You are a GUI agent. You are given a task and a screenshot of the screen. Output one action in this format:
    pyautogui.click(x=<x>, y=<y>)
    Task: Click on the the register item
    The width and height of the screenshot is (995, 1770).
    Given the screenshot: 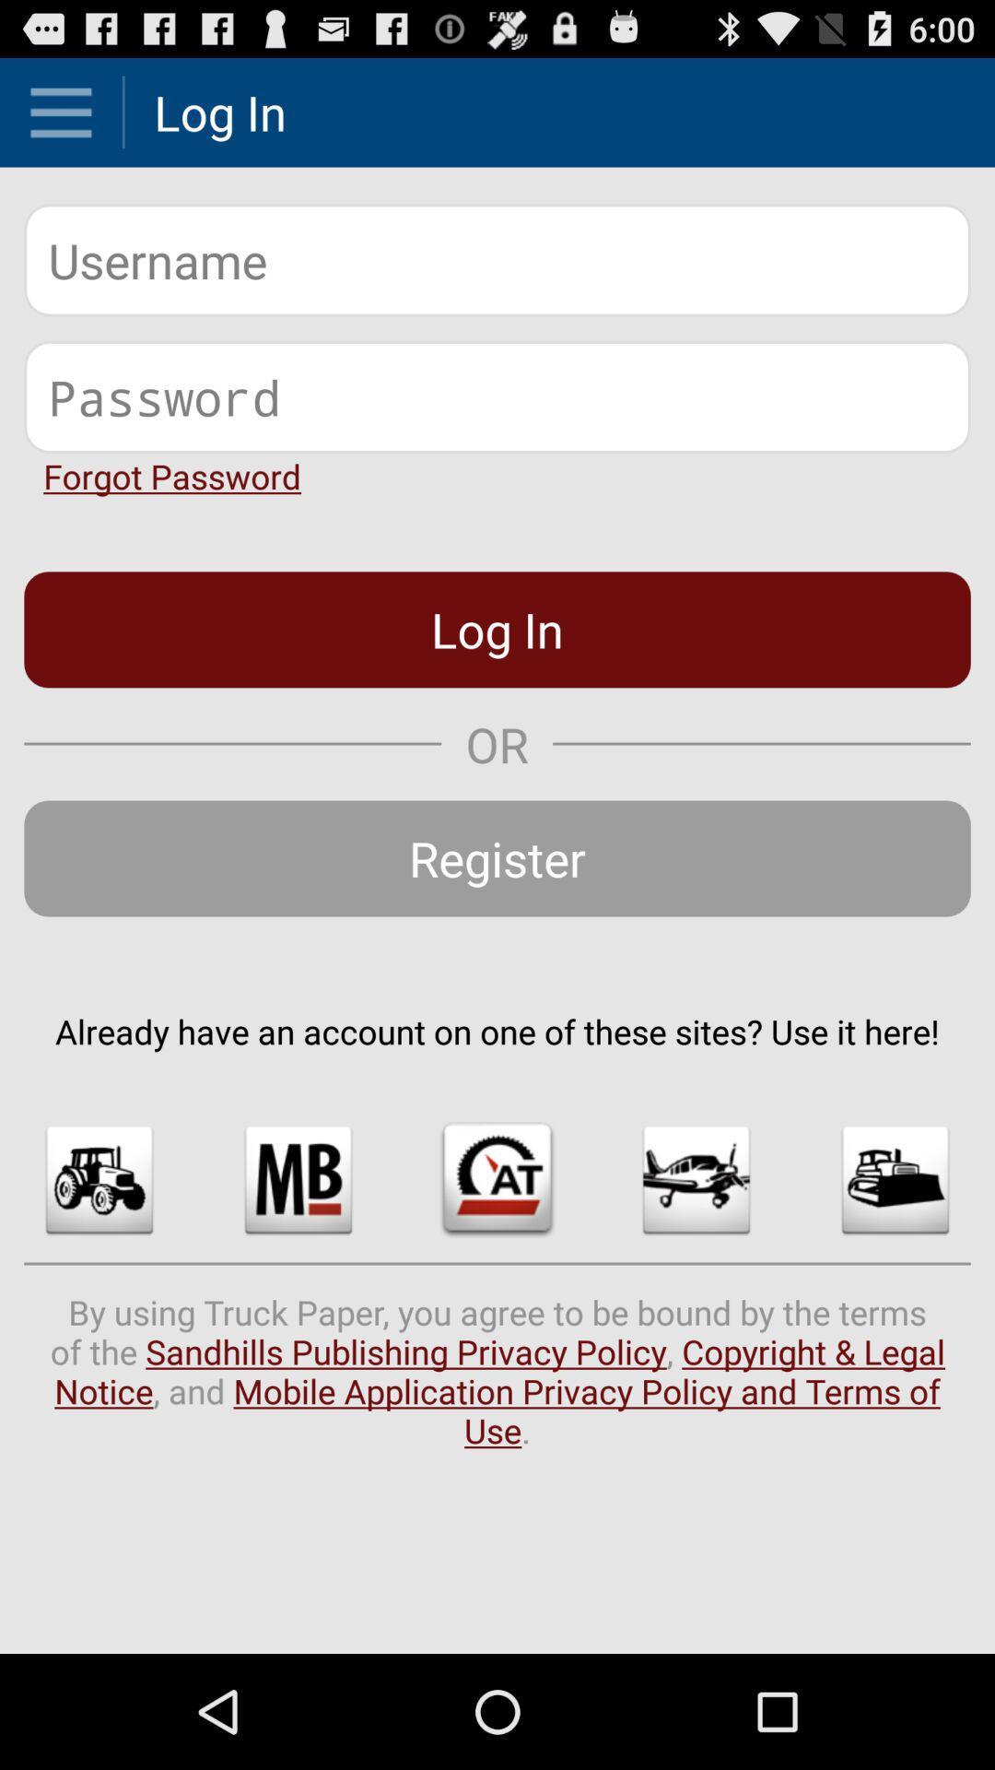 What is the action you would take?
    pyautogui.click(x=497, y=857)
    